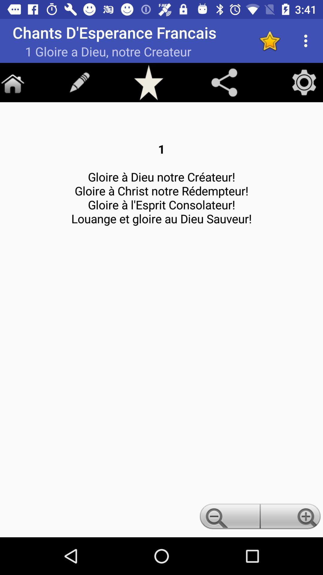 This screenshot has height=575, width=323. Describe the element at coordinates (79, 82) in the screenshot. I see `new button` at that location.